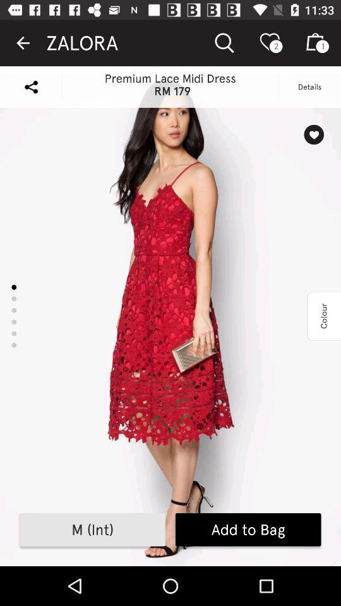 This screenshot has width=341, height=606. What do you see at coordinates (31, 86) in the screenshot?
I see `share item` at bounding box center [31, 86].